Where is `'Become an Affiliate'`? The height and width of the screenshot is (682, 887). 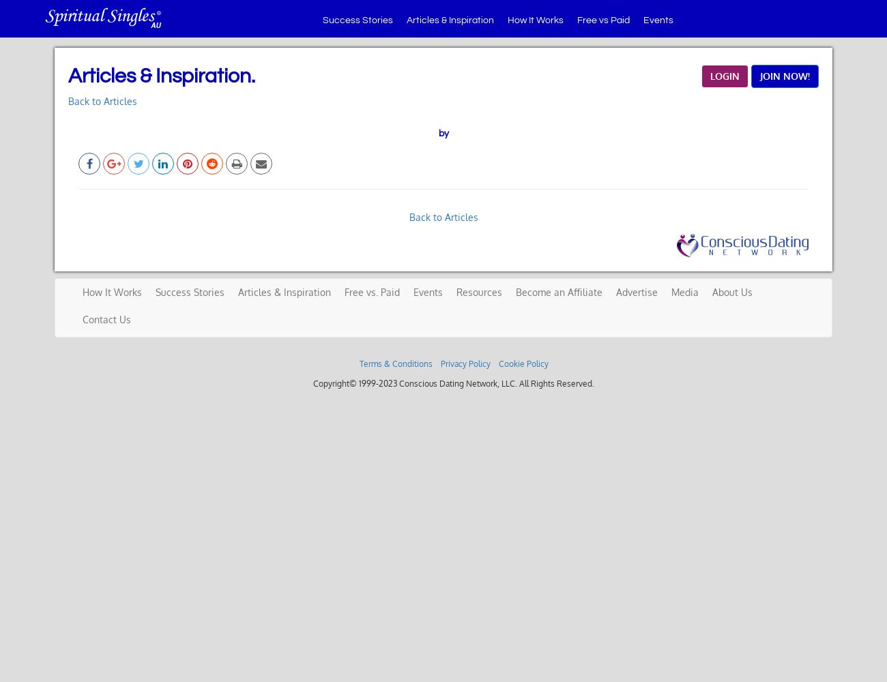
'Become an Affiliate' is located at coordinates (515, 292).